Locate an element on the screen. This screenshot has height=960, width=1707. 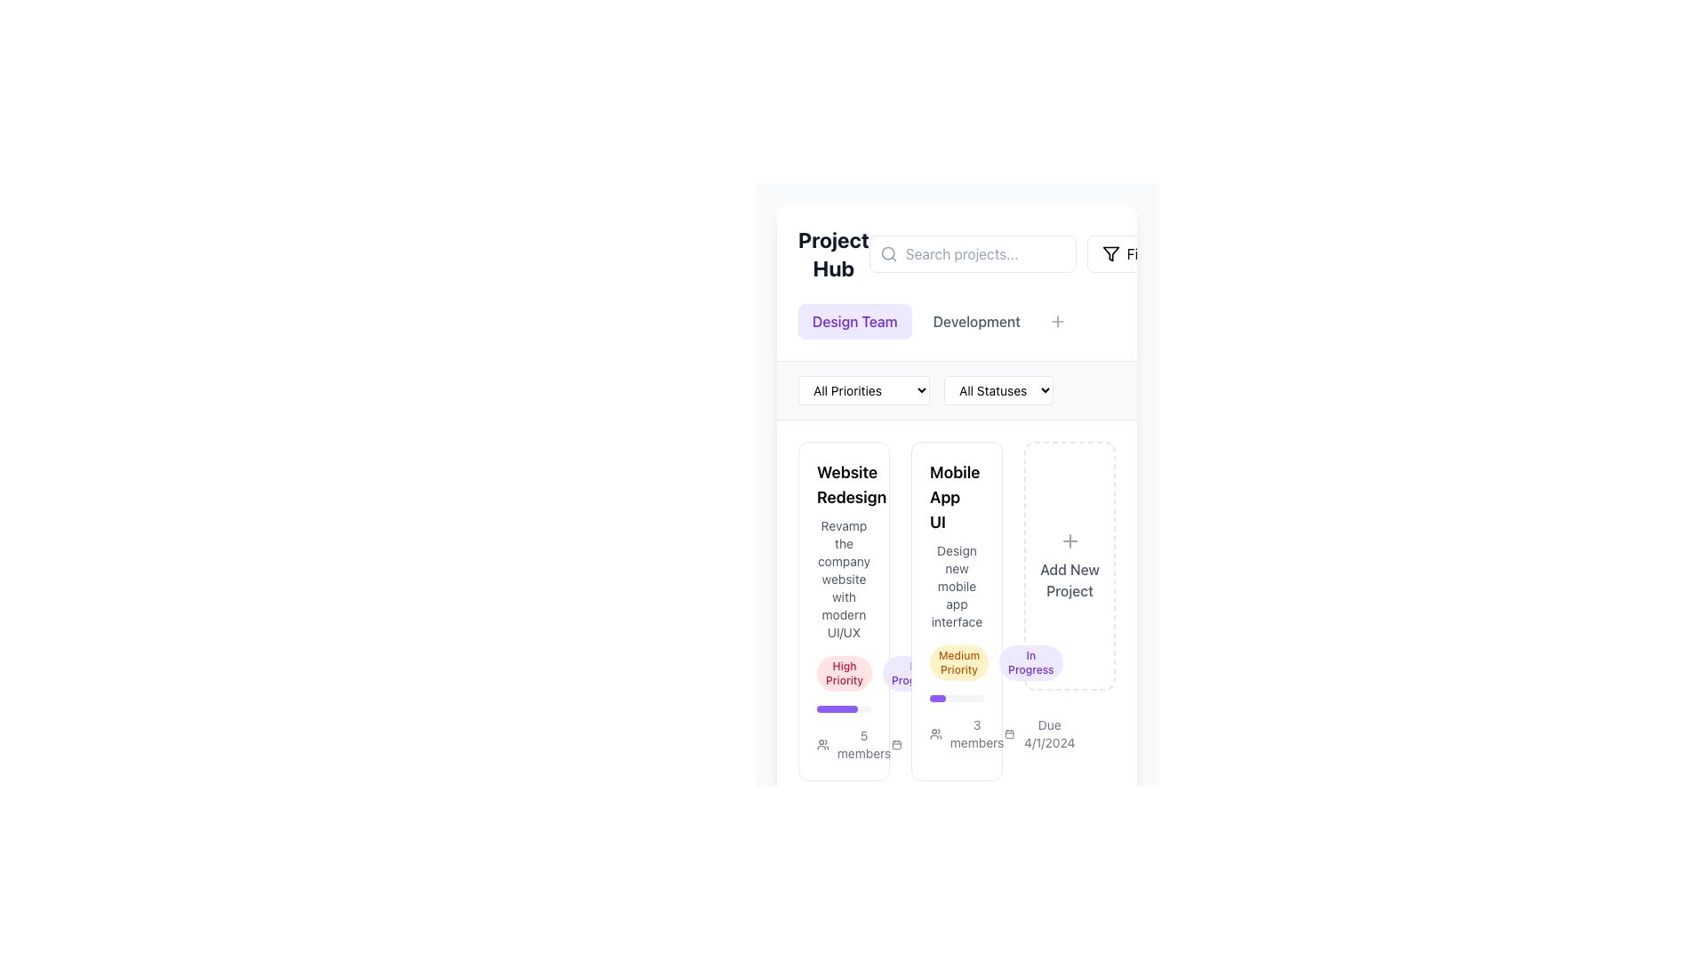
the violet progress bar segment located at the bottom of the 'Mobile App UI' card, which visually represents task progress is located at coordinates (836, 708).